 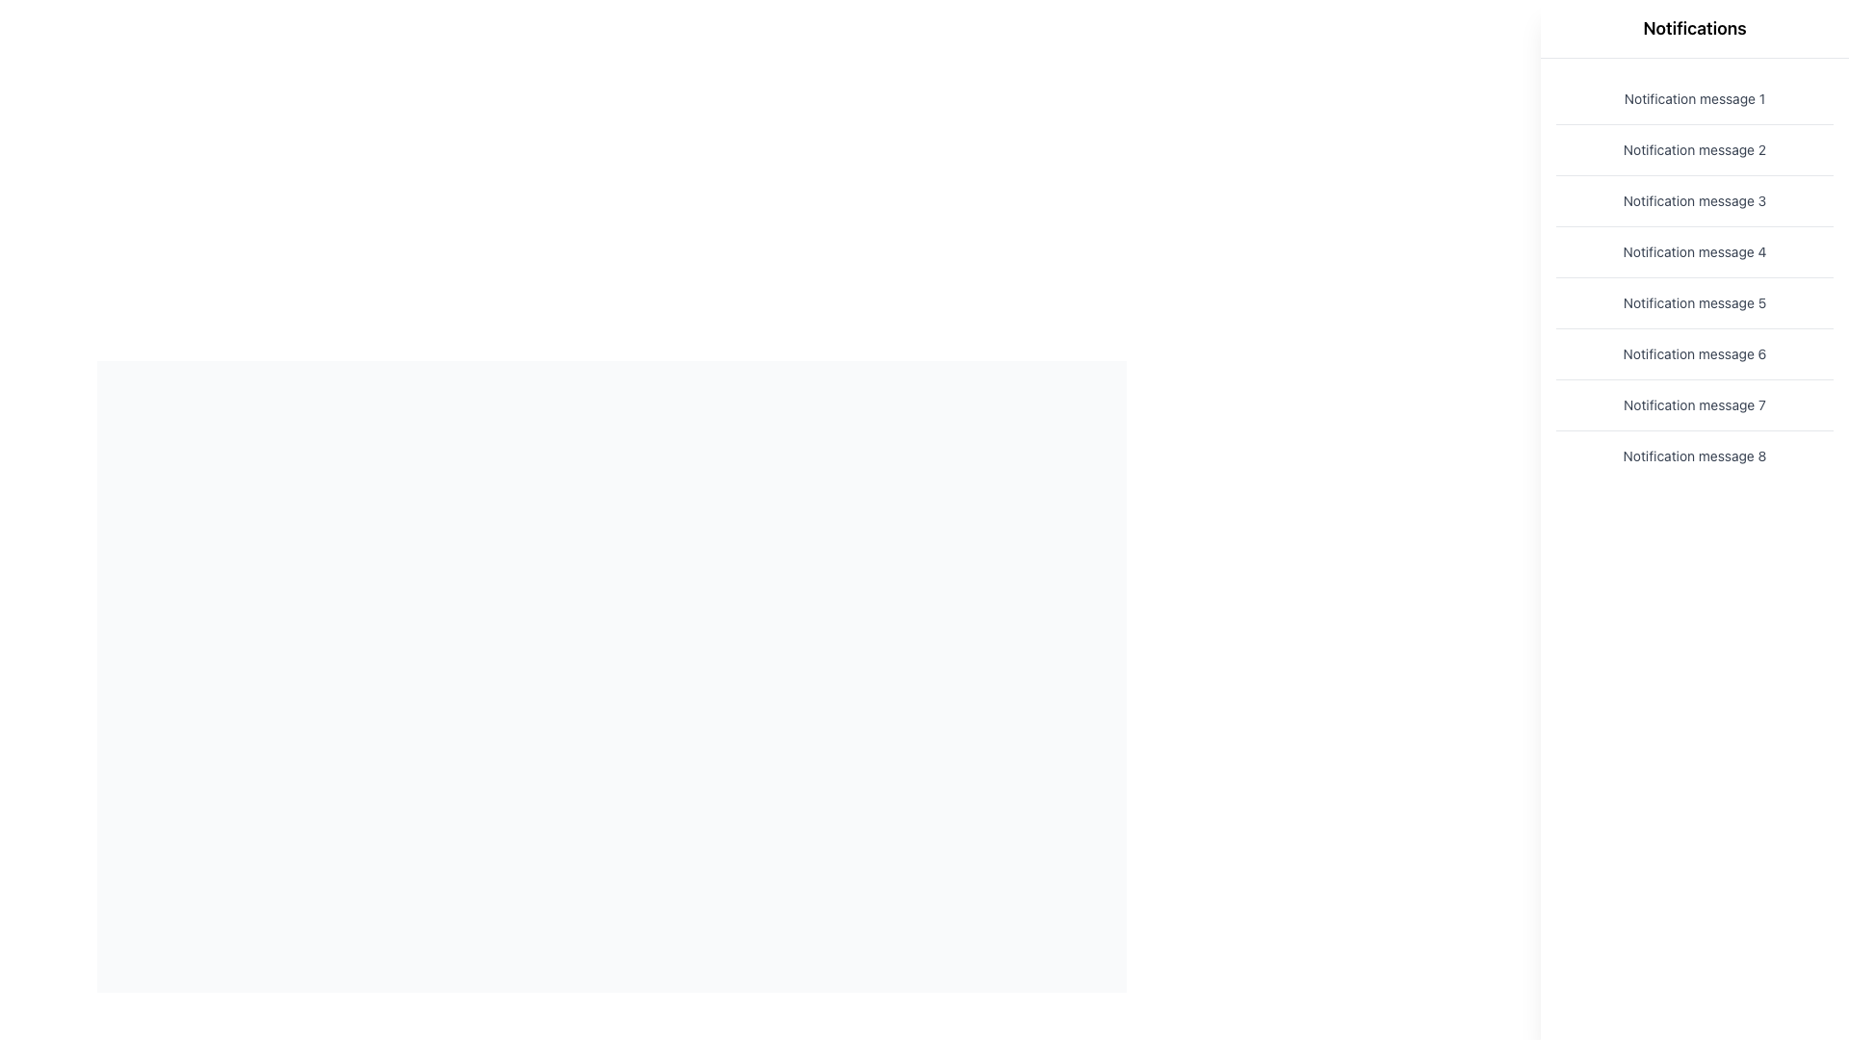 I want to click on the third static notification message displayed on the right-hand side of the interface, so click(x=1695, y=200).